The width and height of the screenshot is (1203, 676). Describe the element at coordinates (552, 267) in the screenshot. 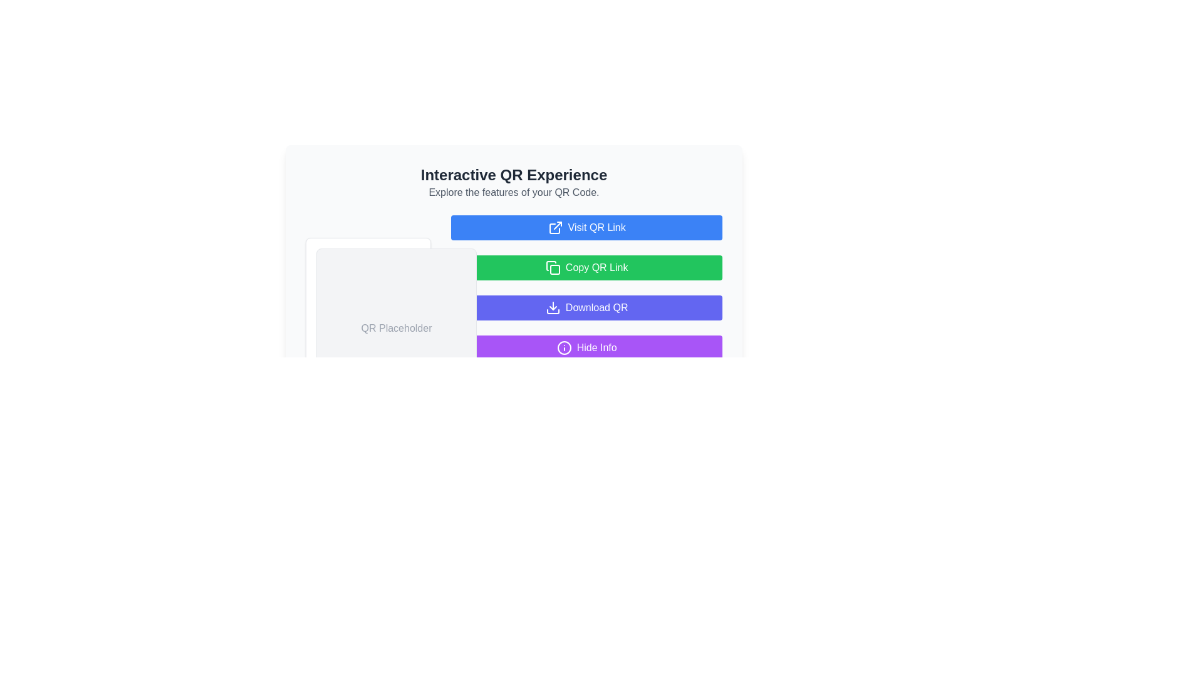

I see `the icon resembling two overlapping rectangles within the green button labeled 'Copy QR Link', which is positioned in the second row of interactive buttons` at that location.